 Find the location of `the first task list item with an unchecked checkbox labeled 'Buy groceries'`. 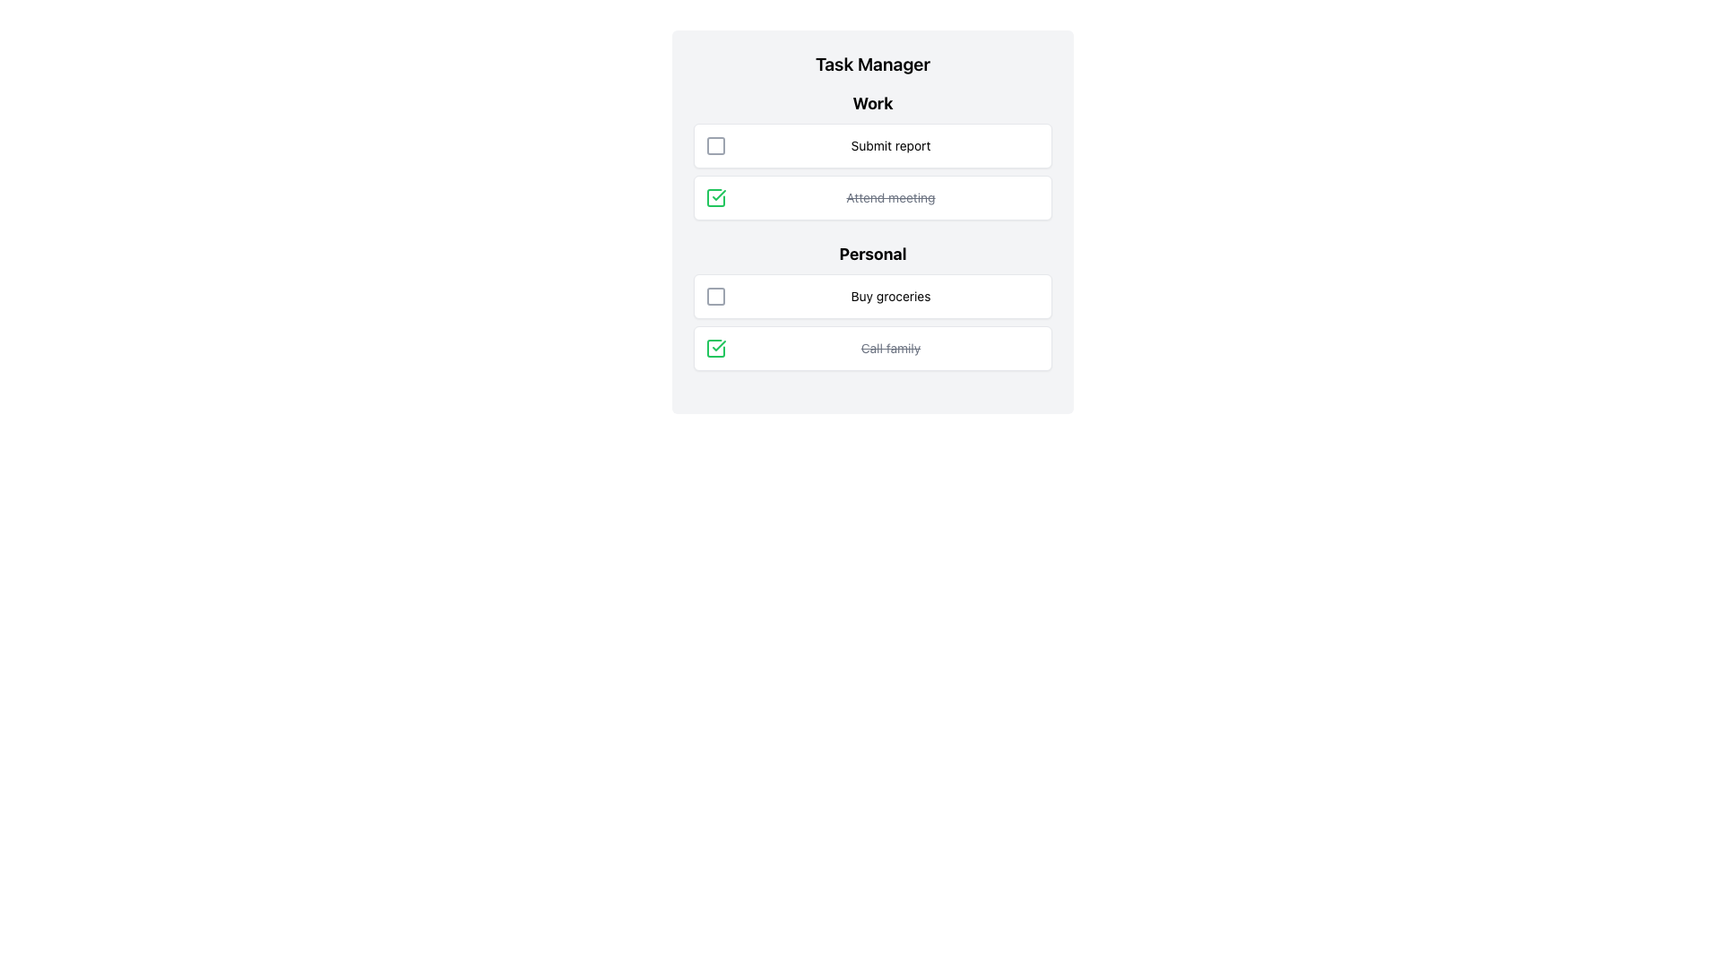

the first task list item with an unchecked checkbox labeled 'Buy groceries' is located at coordinates (873, 296).